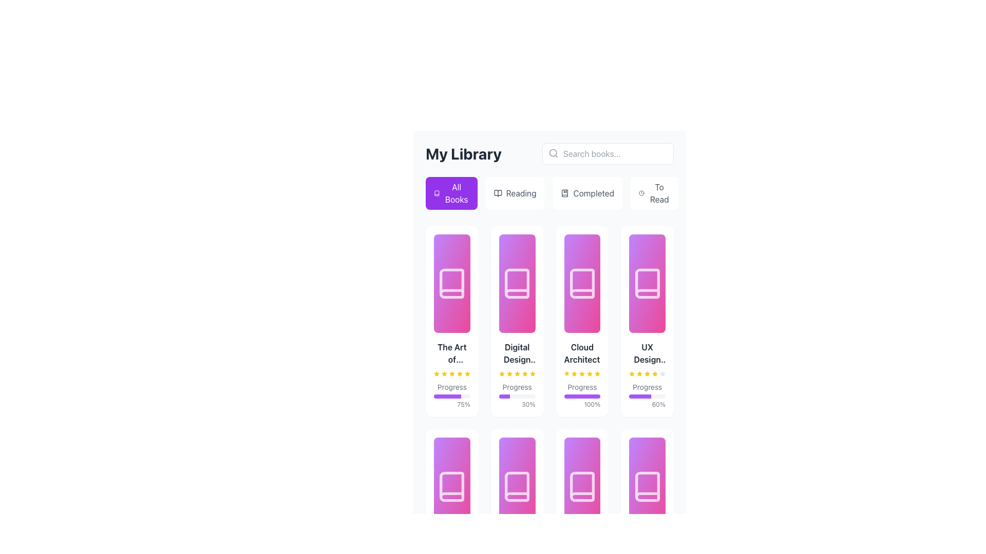 This screenshot has height=554, width=986. I want to click on the fifth star icon in the seven-part rating system located beneath the item titled 'The Art of...' in the grid layout, so click(467, 374).